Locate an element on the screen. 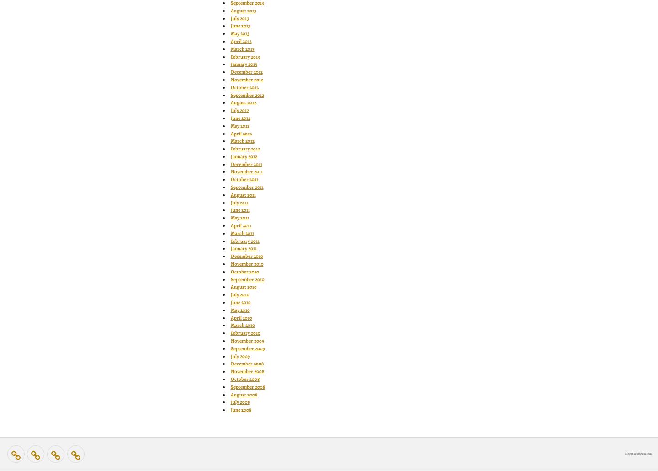  'September 2011' is located at coordinates (229, 187).